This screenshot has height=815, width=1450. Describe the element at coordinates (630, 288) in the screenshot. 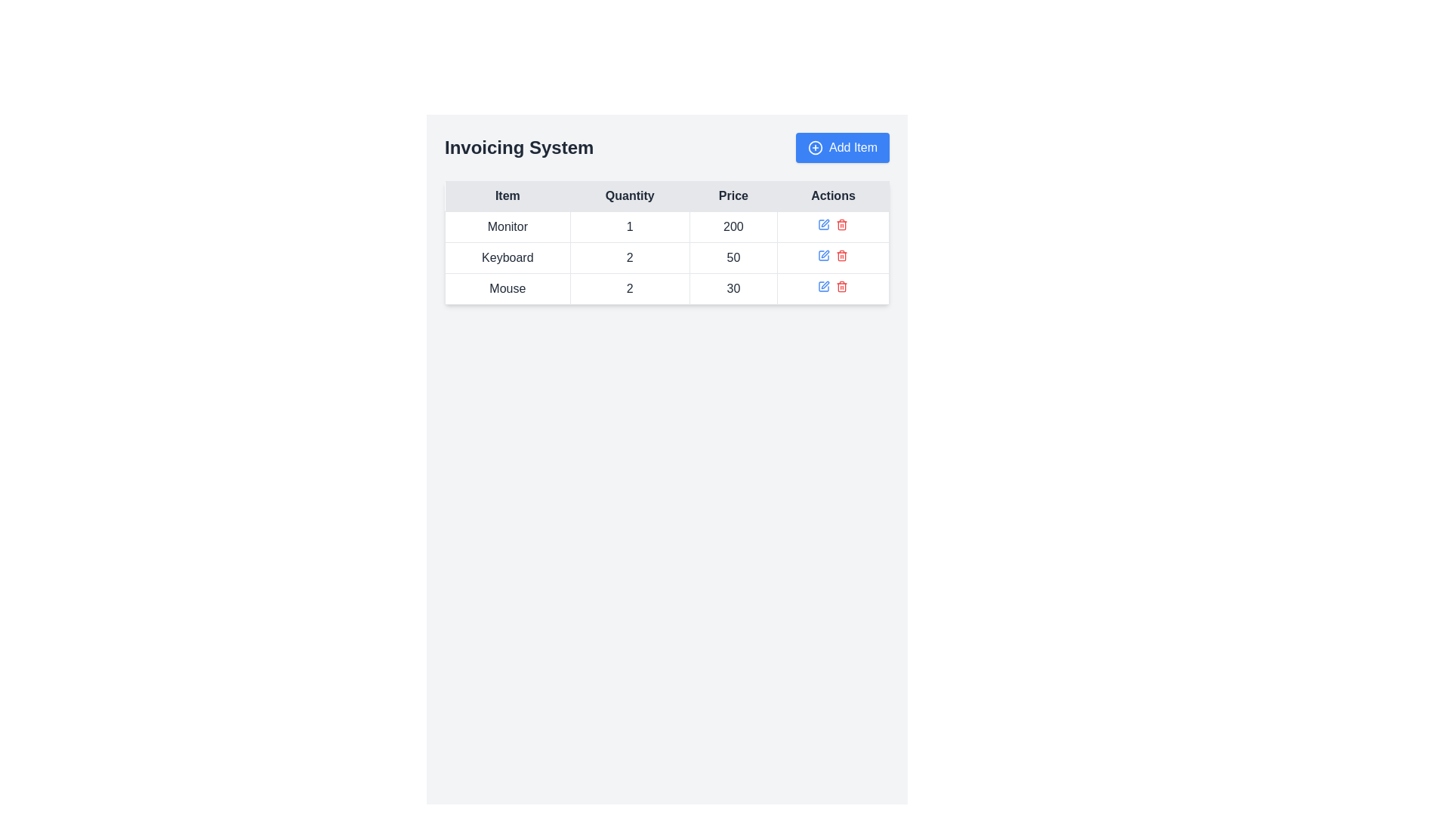

I see `the Text Label displaying the quantity of the 'Mouse' item in the invoicing system, located in the third row under the 'Quantity' column` at that location.